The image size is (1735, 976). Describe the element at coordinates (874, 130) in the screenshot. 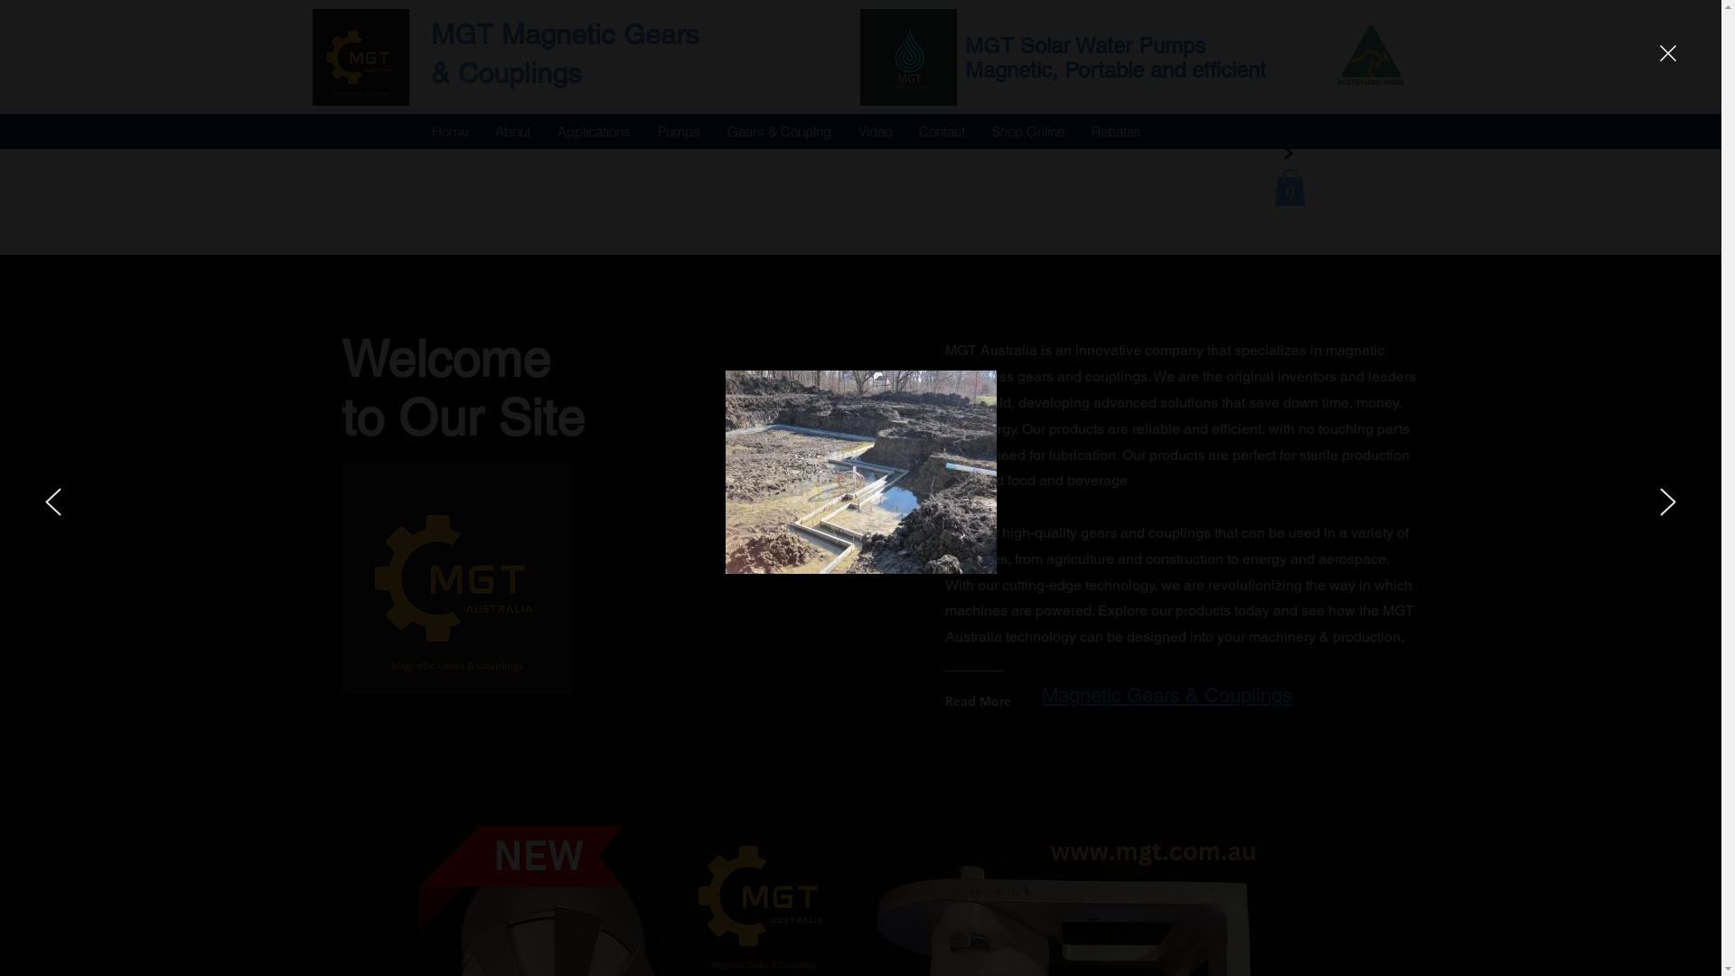

I see `'Video'` at that location.